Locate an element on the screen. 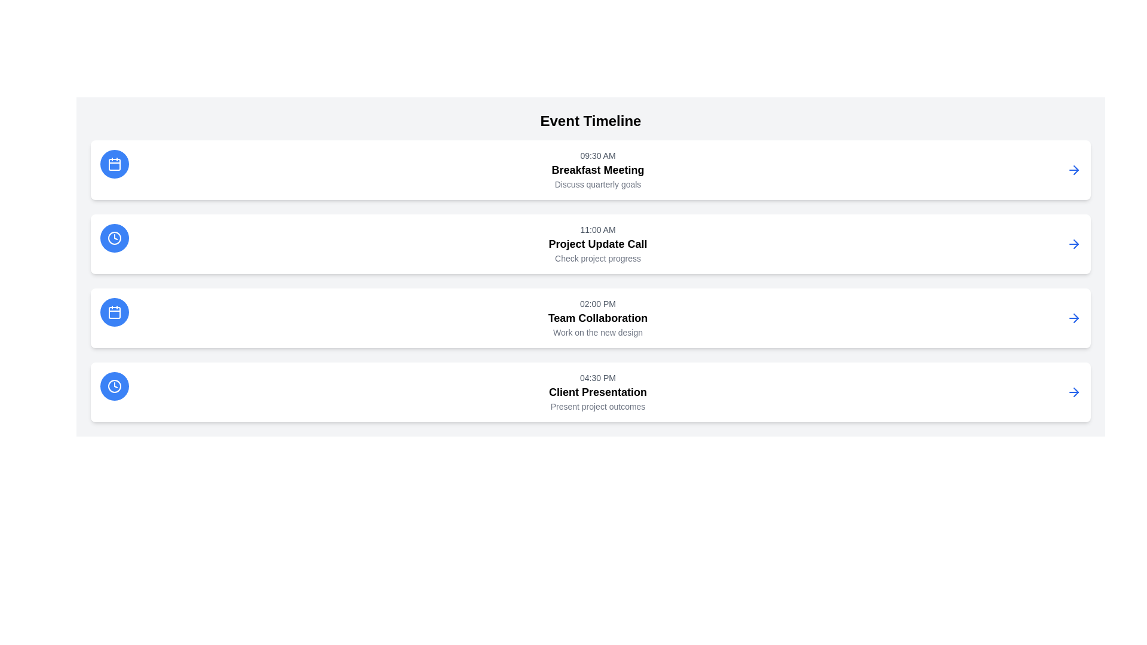 Image resolution: width=1147 pixels, height=645 pixels. text content of the non-interactive label that provides context for the event titled 'Breakfast Meeting', located directly beneath the 'Breakfast Meeting' title is located at coordinates (598, 184).